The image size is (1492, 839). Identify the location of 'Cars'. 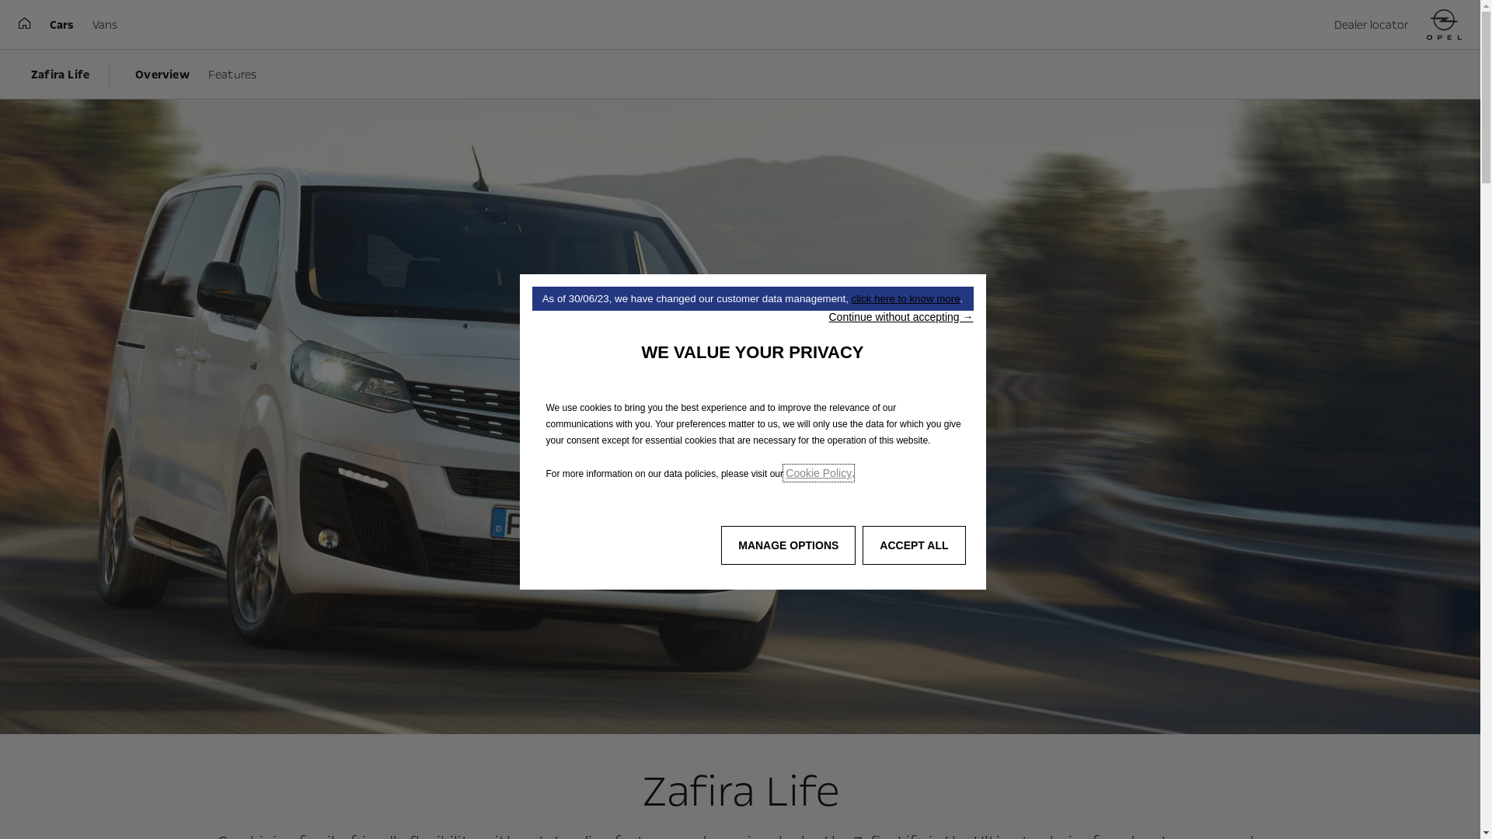
(61, 24).